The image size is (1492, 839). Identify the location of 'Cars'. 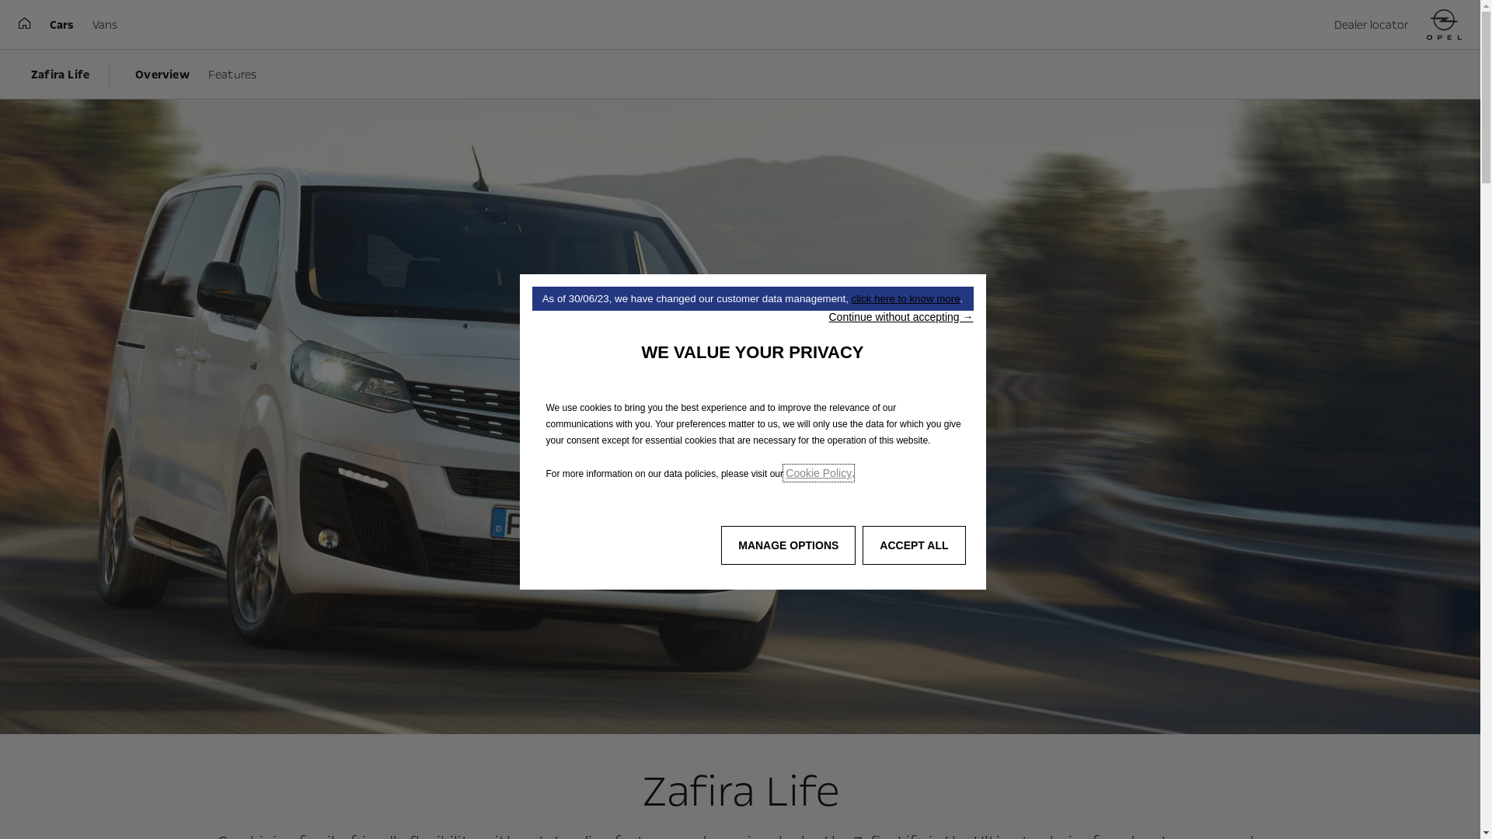
(61, 24).